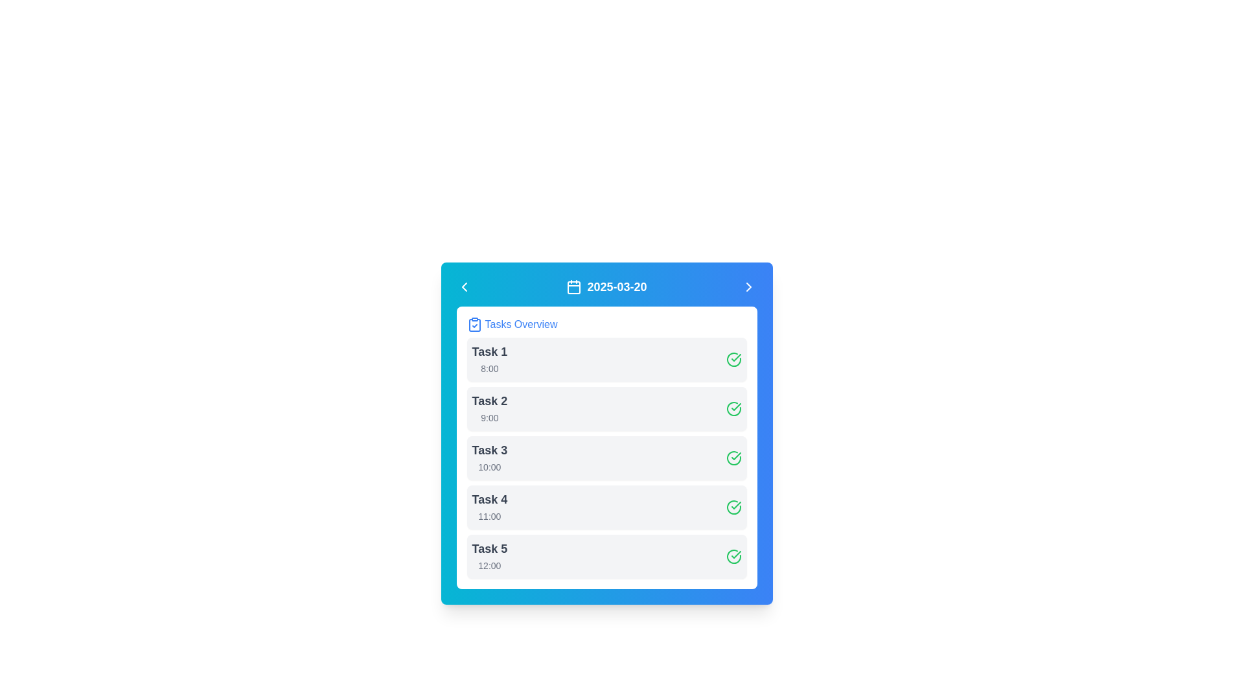 Image resolution: width=1244 pixels, height=700 pixels. I want to click on the task card labeled 'Task 3', so click(606, 457).